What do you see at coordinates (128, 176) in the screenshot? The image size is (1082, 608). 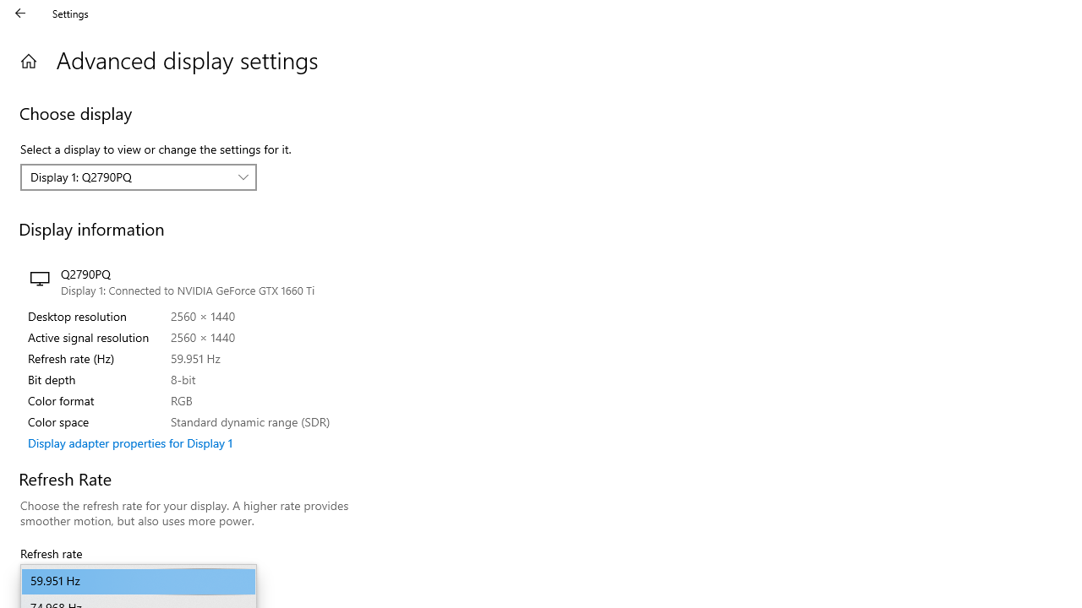 I see `'Display 1: Q2790PQ'` at bounding box center [128, 176].